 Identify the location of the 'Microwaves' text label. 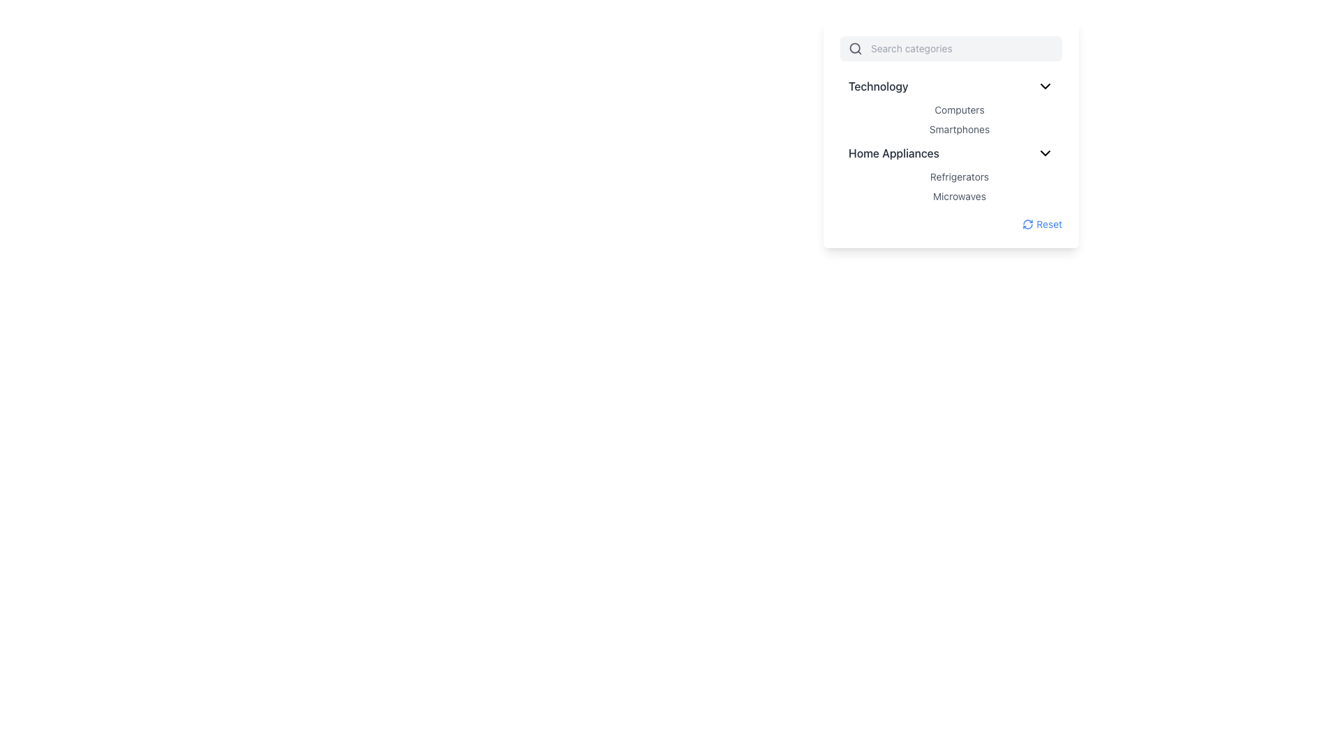
(958, 196).